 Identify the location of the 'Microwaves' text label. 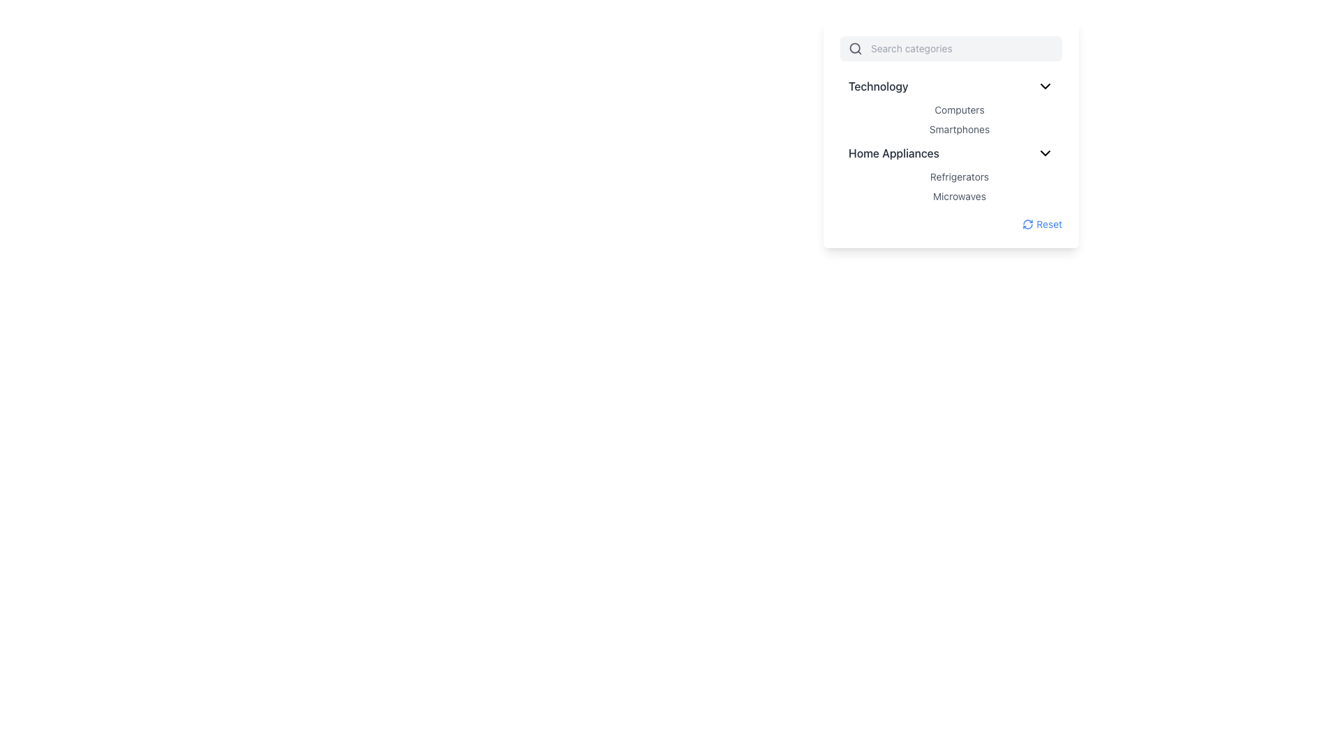
(958, 196).